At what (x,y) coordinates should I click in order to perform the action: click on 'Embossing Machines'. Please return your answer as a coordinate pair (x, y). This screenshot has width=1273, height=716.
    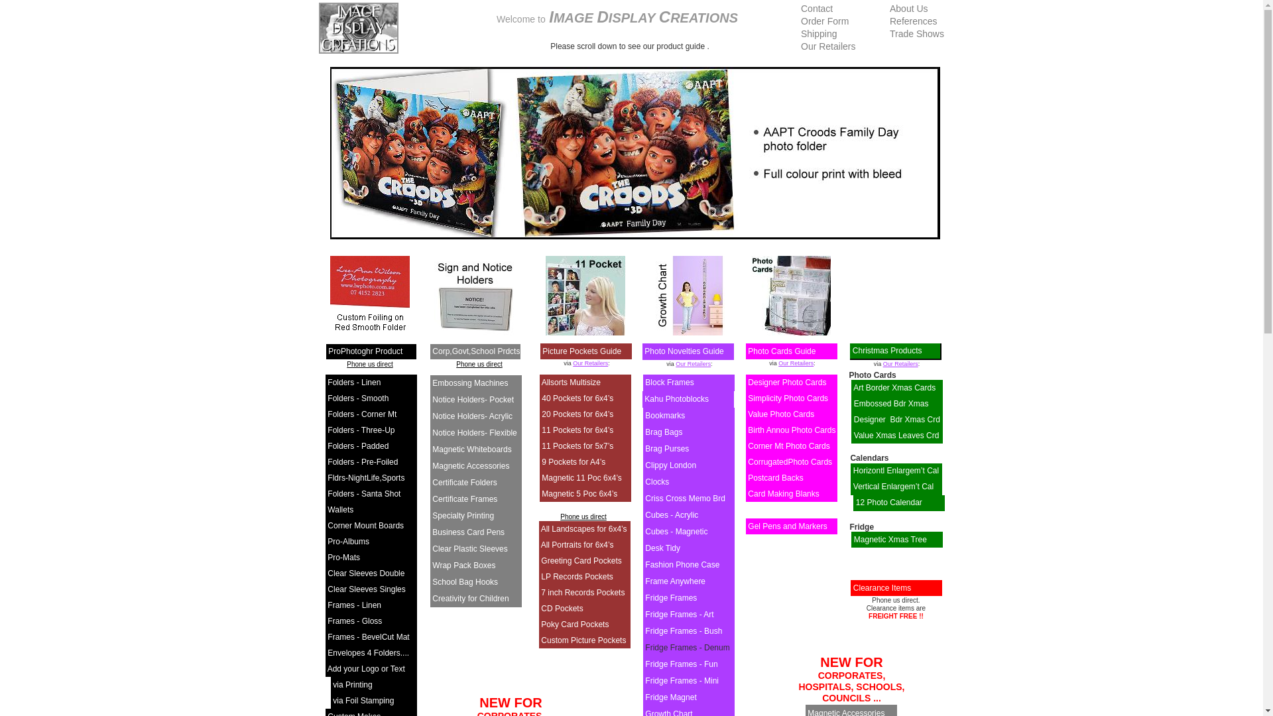
    Looking at the image, I should click on (432, 383).